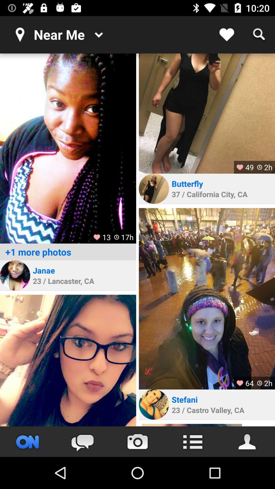  I want to click on profile, so click(15, 275).